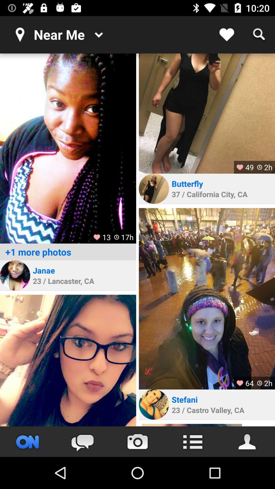  I want to click on profile, so click(15, 275).